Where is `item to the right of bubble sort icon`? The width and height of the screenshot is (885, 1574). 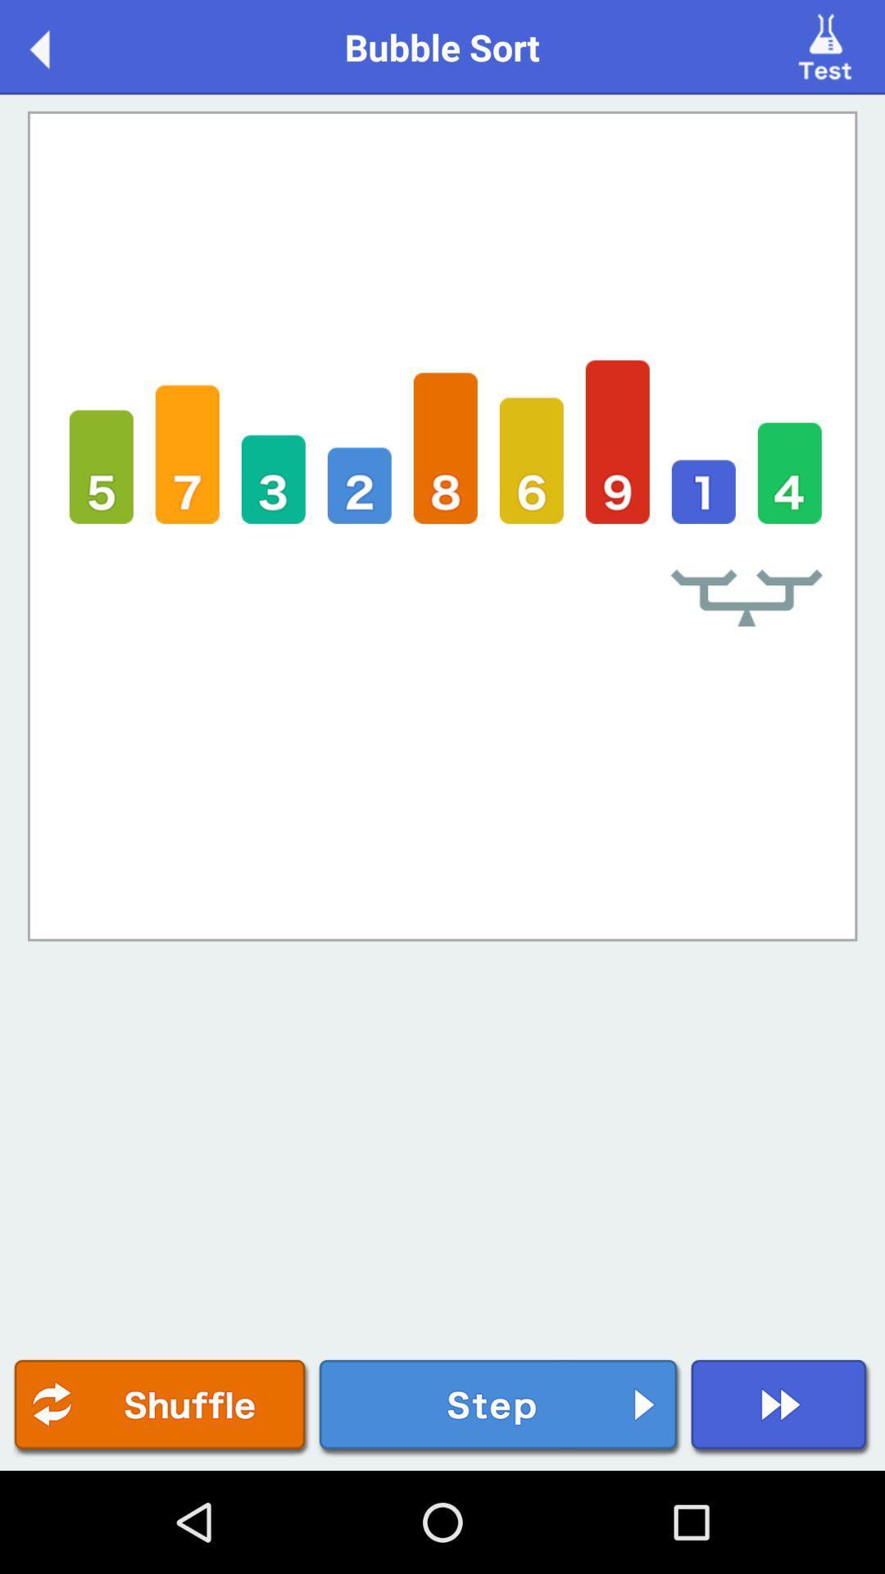
item to the right of bubble sort icon is located at coordinates (828, 46).